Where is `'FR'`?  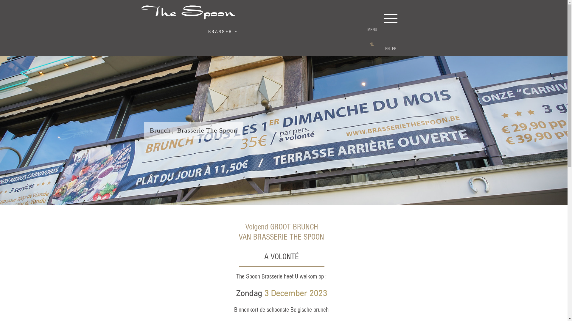
'FR' is located at coordinates (394, 48).